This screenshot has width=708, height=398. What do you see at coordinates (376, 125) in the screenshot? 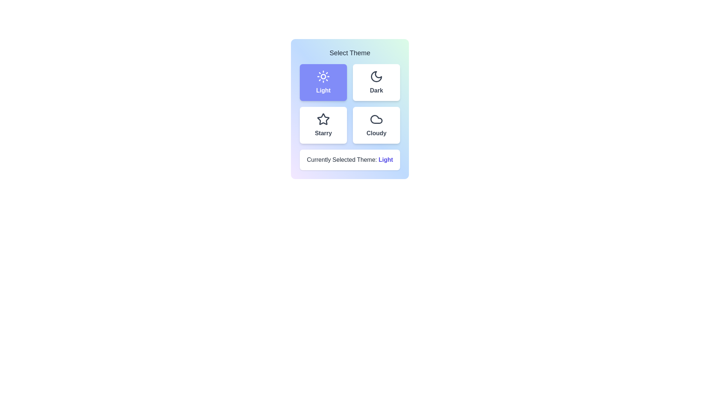
I see `the theme Cloudy by clicking on its button` at bounding box center [376, 125].